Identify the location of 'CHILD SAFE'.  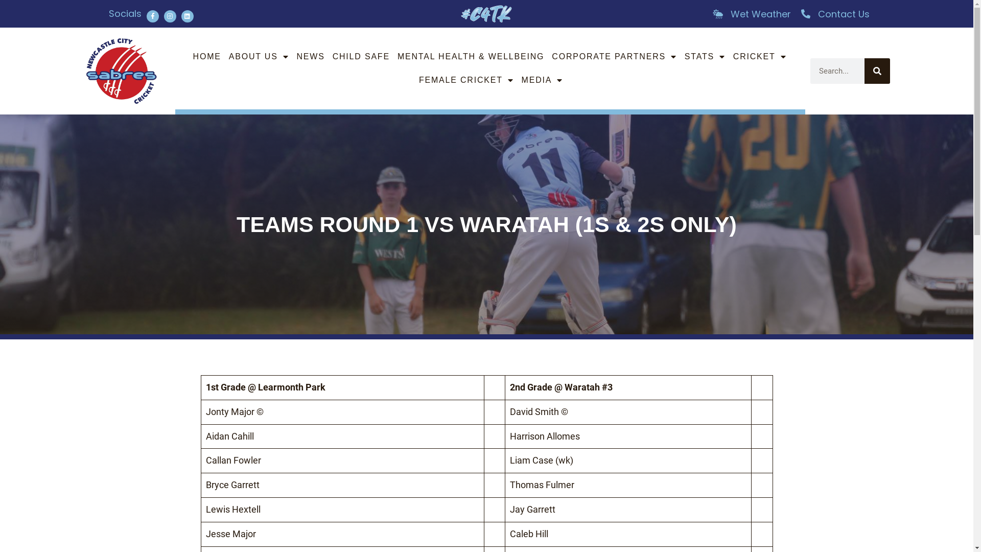
(361, 57).